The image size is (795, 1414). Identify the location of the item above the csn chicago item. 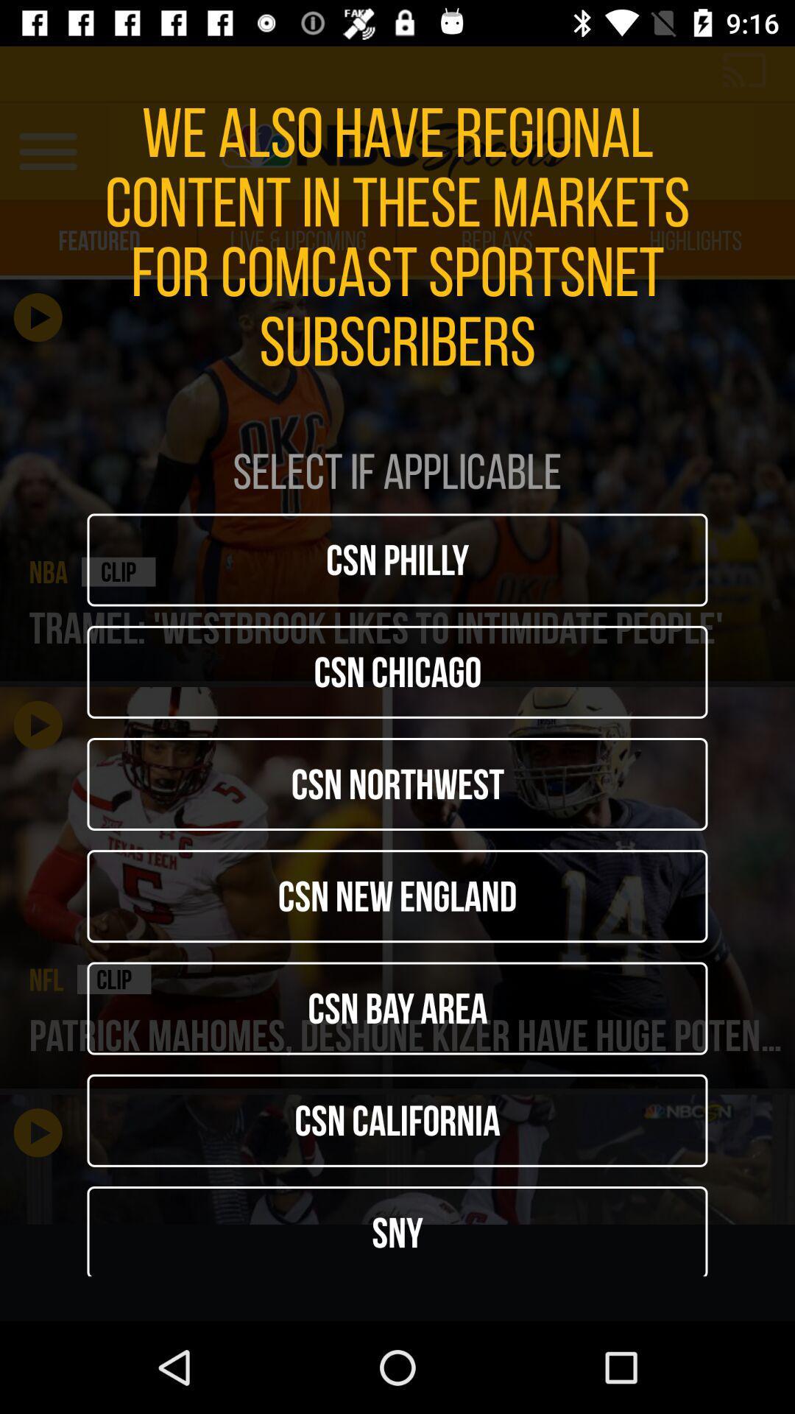
(397, 559).